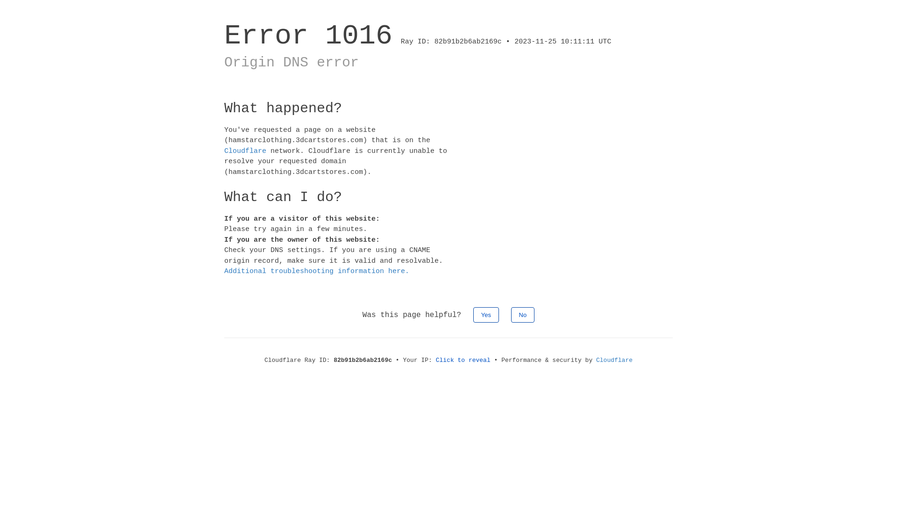 The height and width of the screenshot is (505, 897). I want to click on 'Cloudflare', so click(614, 359).